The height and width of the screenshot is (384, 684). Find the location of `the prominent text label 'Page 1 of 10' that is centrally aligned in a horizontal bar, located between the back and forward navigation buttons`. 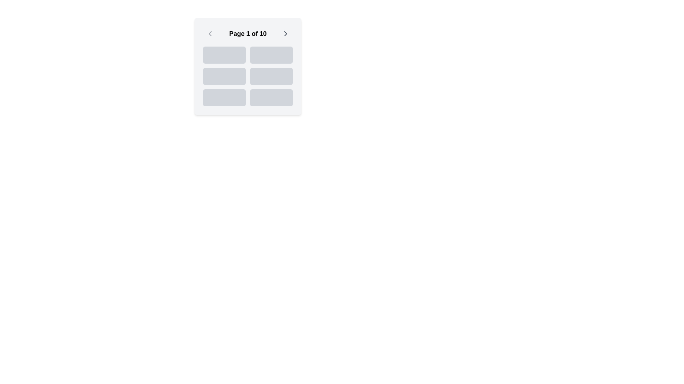

the prominent text label 'Page 1 of 10' that is centrally aligned in a horizontal bar, located between the back and forward navigation buttons is located at coordinates (248, 34).